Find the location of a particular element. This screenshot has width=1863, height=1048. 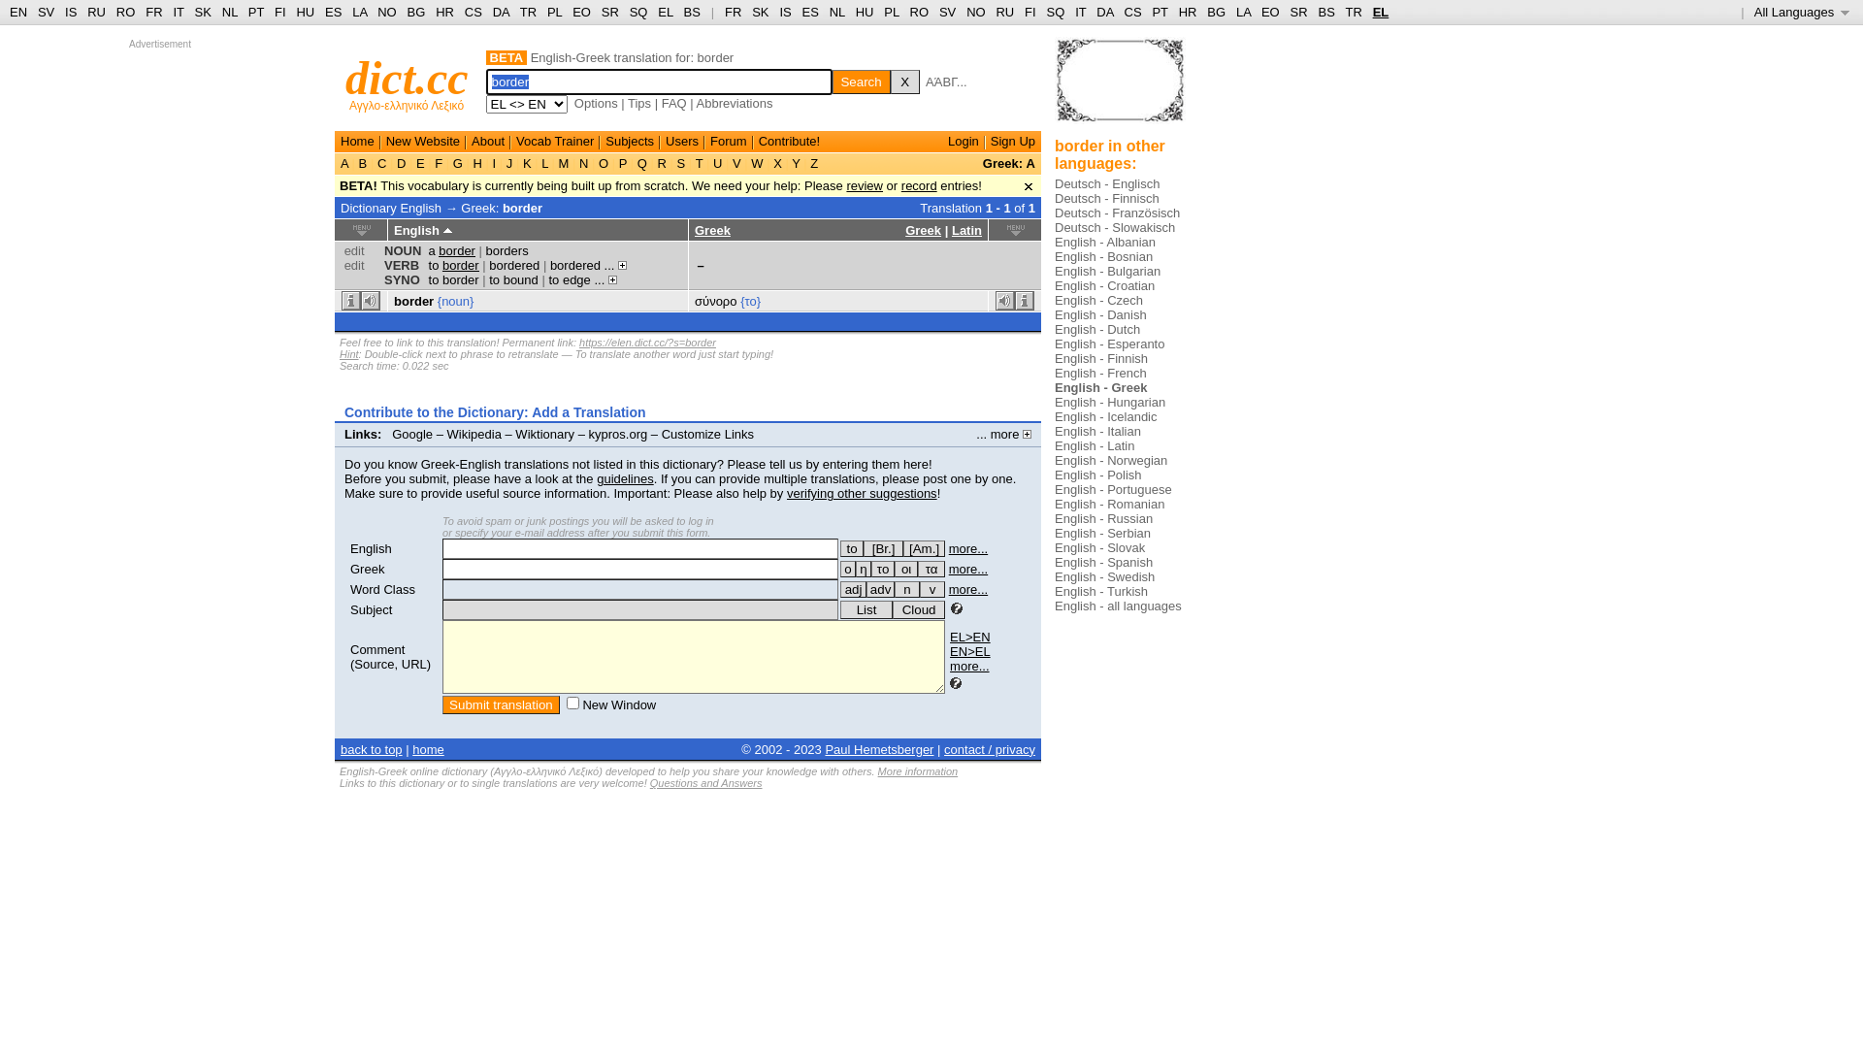

'F' is located at coordinates (431, 162).